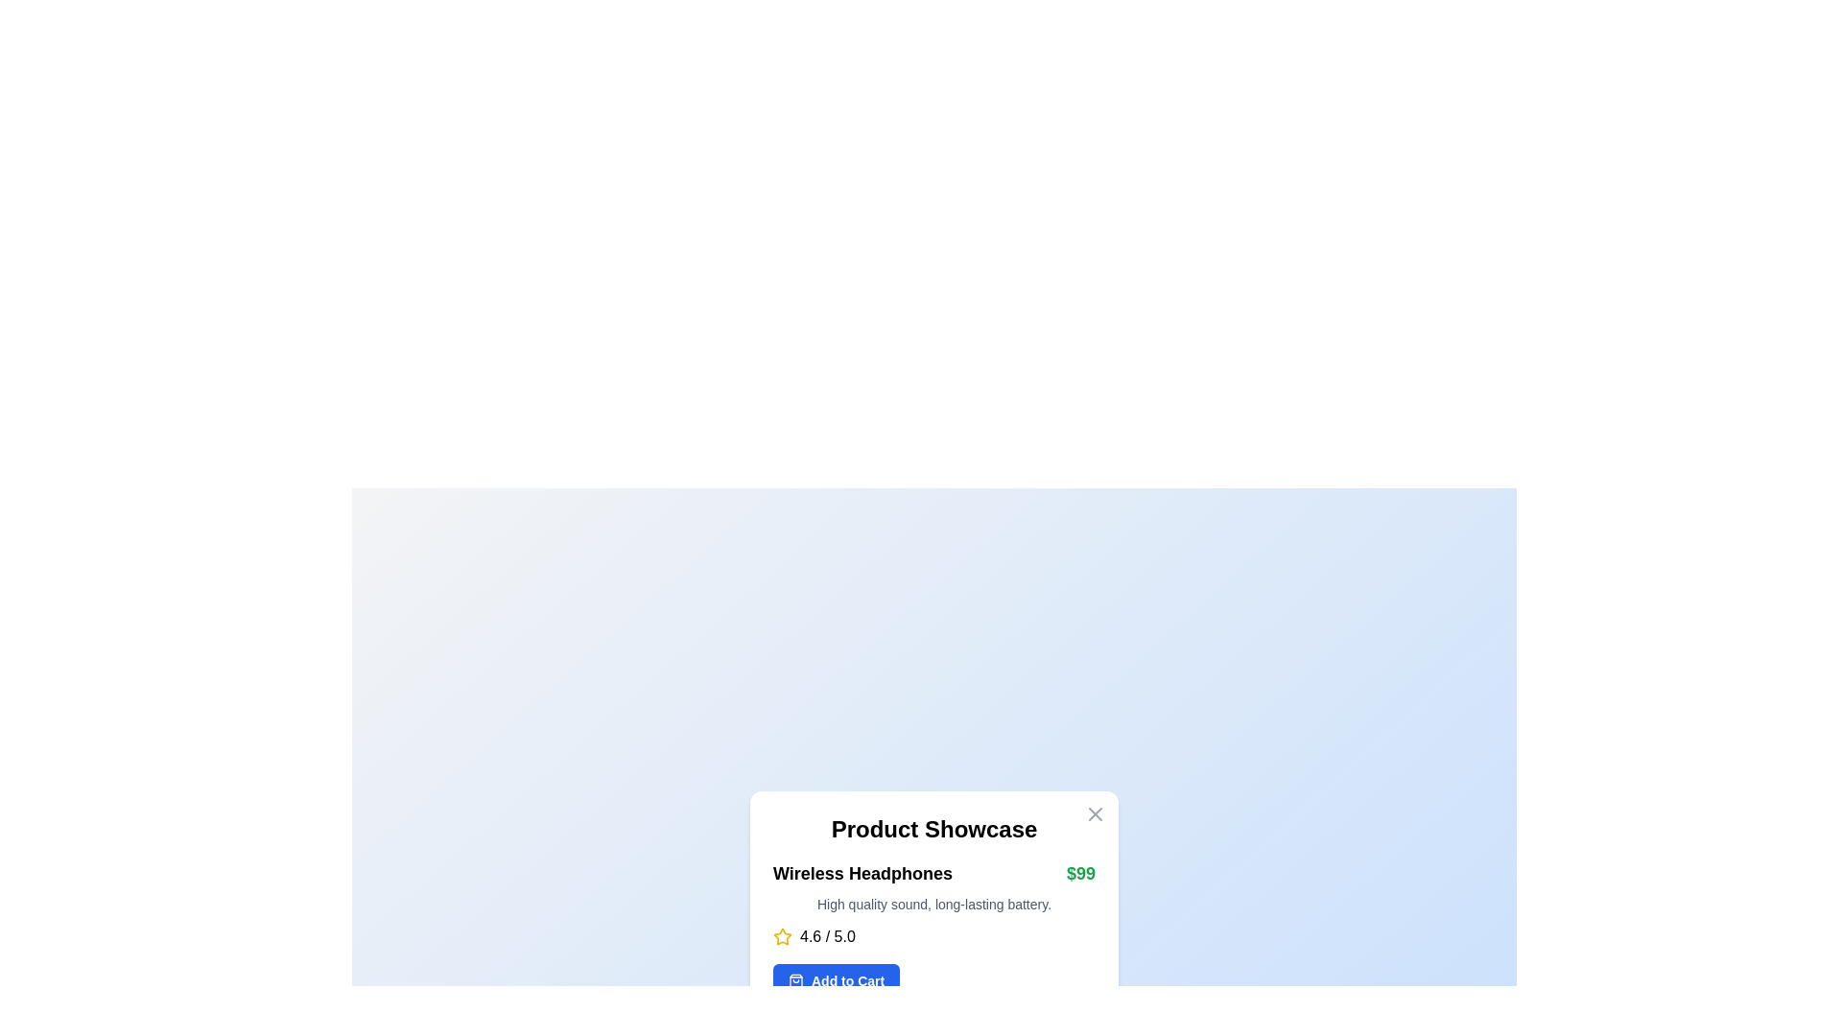 This screenshot has height=1036, width=1842. I want to click on the 'x' icon located in the top right corner of the card, so click(1096, 813).